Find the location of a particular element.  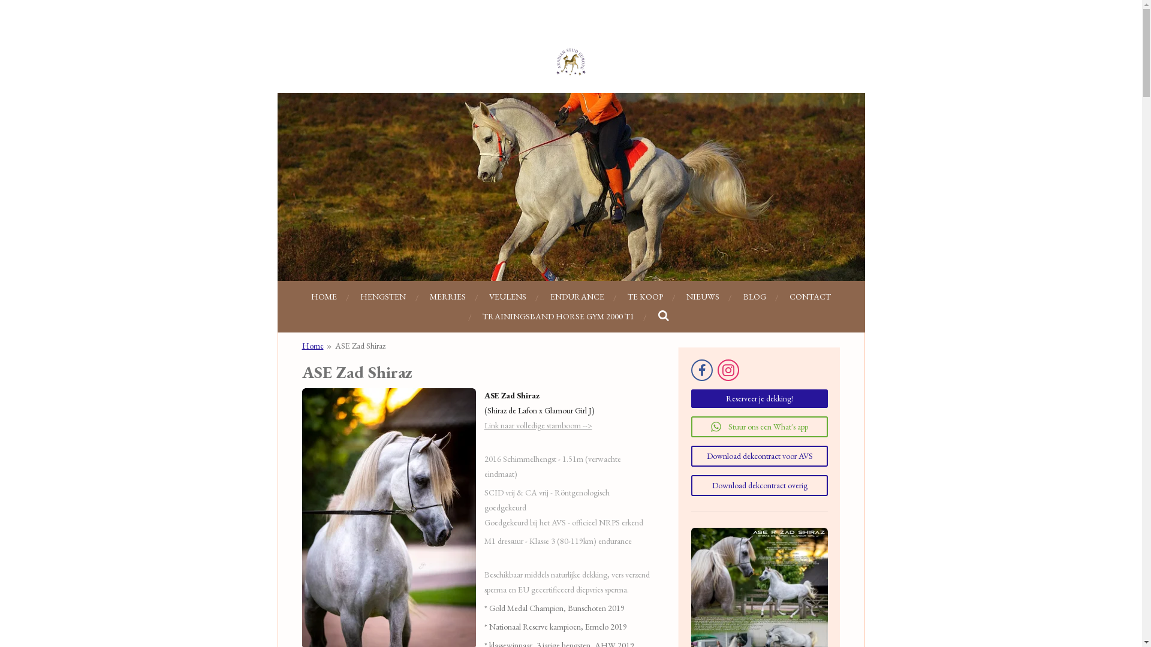

'Link naar volledige stamboom -->' is located at coordinates (537, 424).